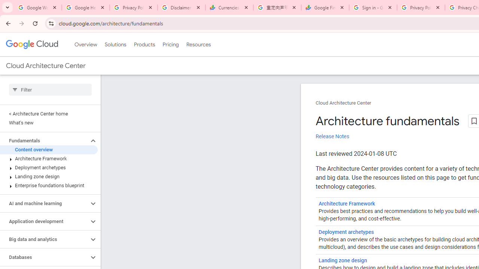 The image size is (479, 269). What do you see at coordinates (48, 114) in the screenshot?
I see `'< Architecture Center home'` at bounding box center [48, 114].